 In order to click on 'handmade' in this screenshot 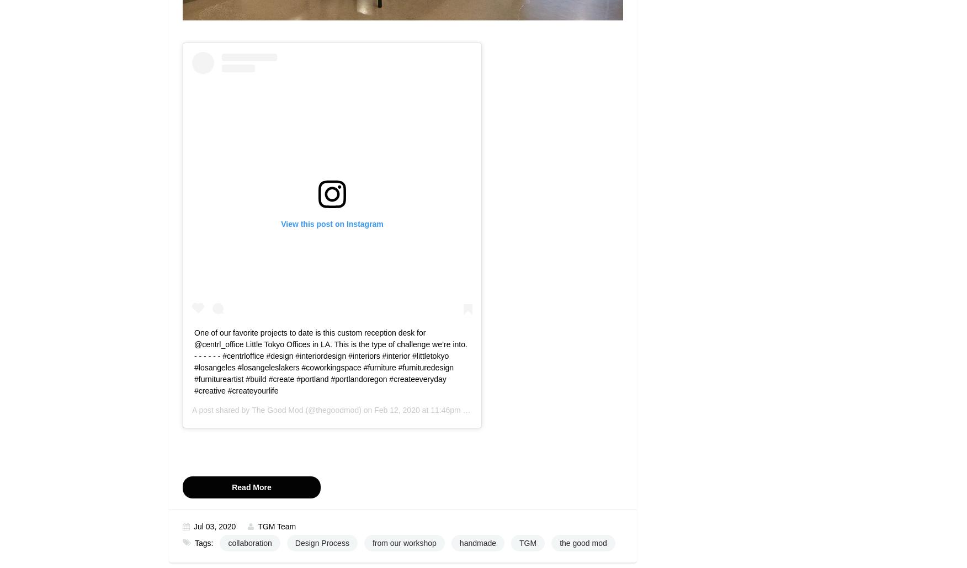, I will do `click(477, 543)`.